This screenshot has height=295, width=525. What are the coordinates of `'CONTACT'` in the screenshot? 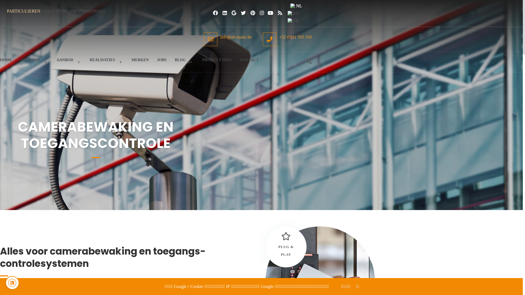 It's located at (240, 60).